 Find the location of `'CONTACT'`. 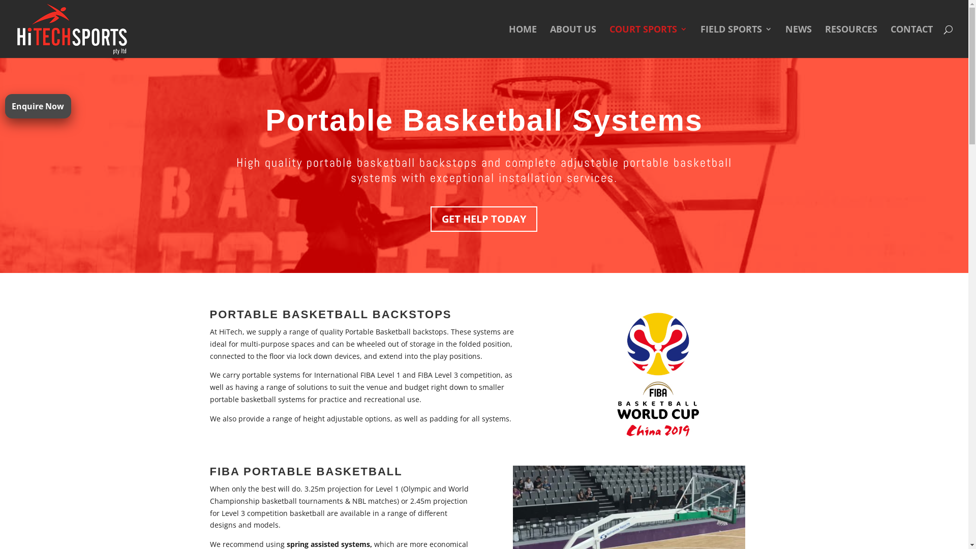

'CONTACT' is located at coordinates (911, 41).